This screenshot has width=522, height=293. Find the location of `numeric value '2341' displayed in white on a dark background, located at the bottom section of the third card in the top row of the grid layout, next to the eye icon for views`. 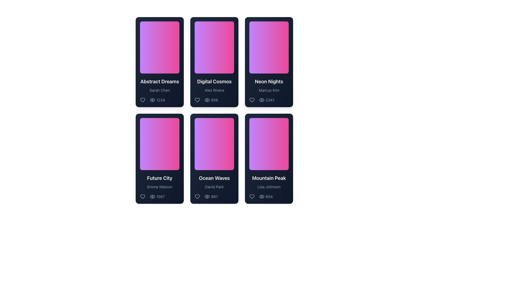

numeric value '2341' displayed in white on a dark background, located at the bottom section of the third card in the top row of the grid layout, next to the eye icon for views is located at coordinates (269, 100).